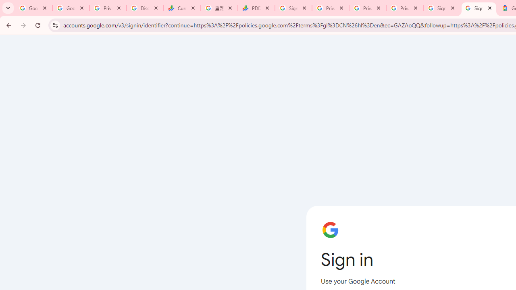  I want to click on 'PDD Holdings Inc - ADR (PDD) Price & News - Google Finance', so click(256, 8).